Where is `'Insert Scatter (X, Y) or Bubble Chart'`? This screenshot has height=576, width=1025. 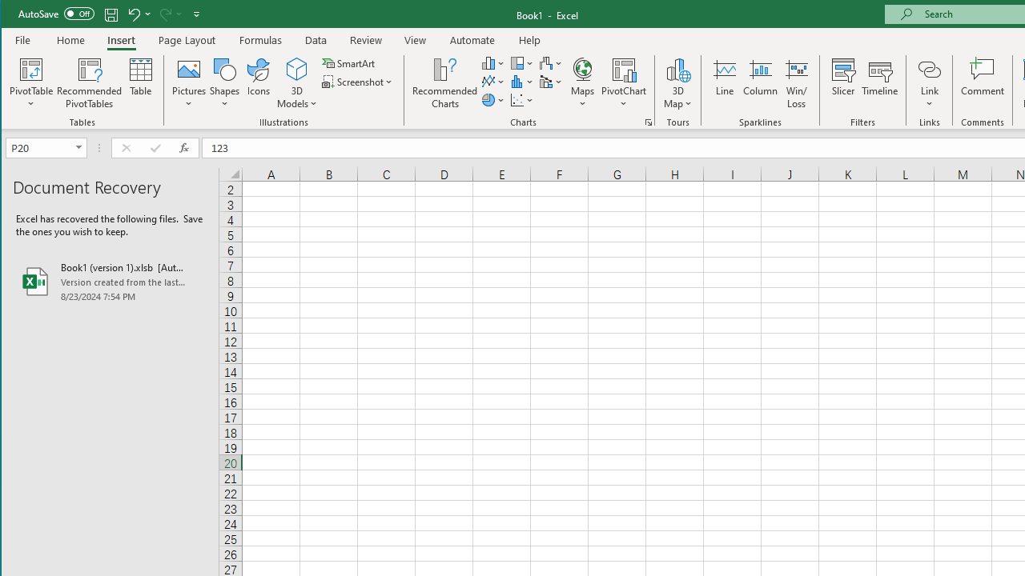 'Insert Scatter (X, Y) or Bubble Chart' is located at coordinates (522, 100).